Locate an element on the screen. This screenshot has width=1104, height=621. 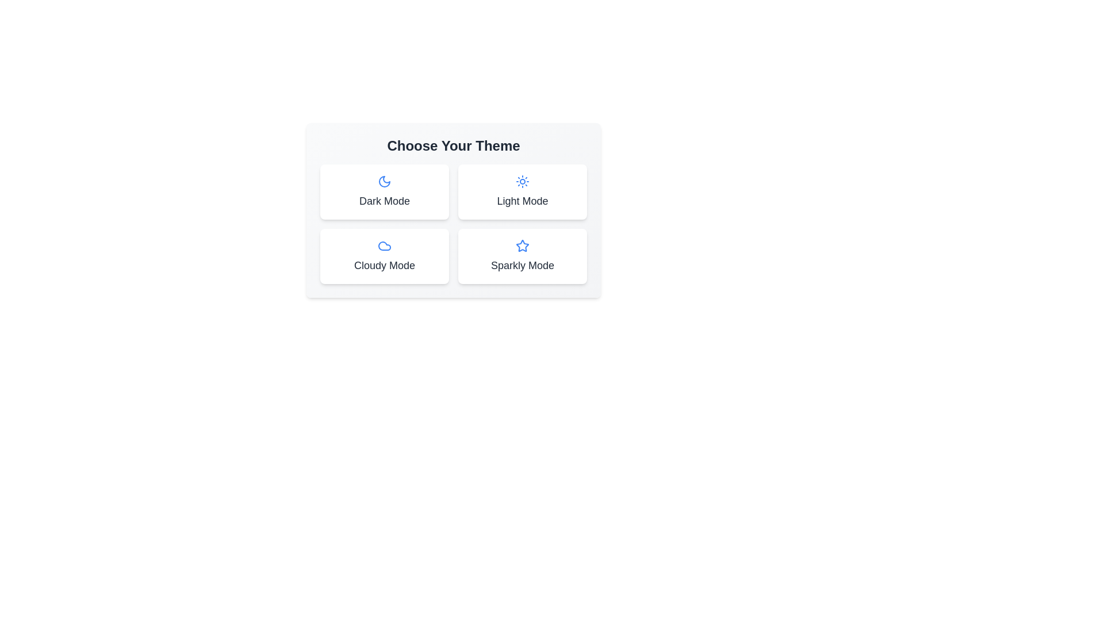
the 'Dark Mode' selectable card option, which is the first card in a 2x2 grid under 'Choose Your Theme', featuring a crescent moon icon and bold text is located at coordinates (384, 191).